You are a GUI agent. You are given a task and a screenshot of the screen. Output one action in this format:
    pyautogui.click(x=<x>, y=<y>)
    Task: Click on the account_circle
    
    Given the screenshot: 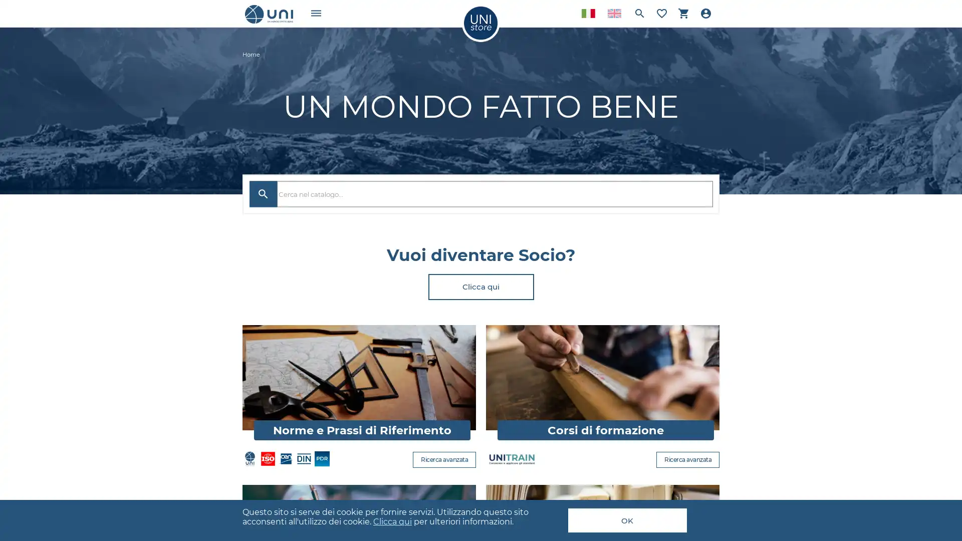 What is the action you would take?
    pyautogui.click(x=705, y=14)
    